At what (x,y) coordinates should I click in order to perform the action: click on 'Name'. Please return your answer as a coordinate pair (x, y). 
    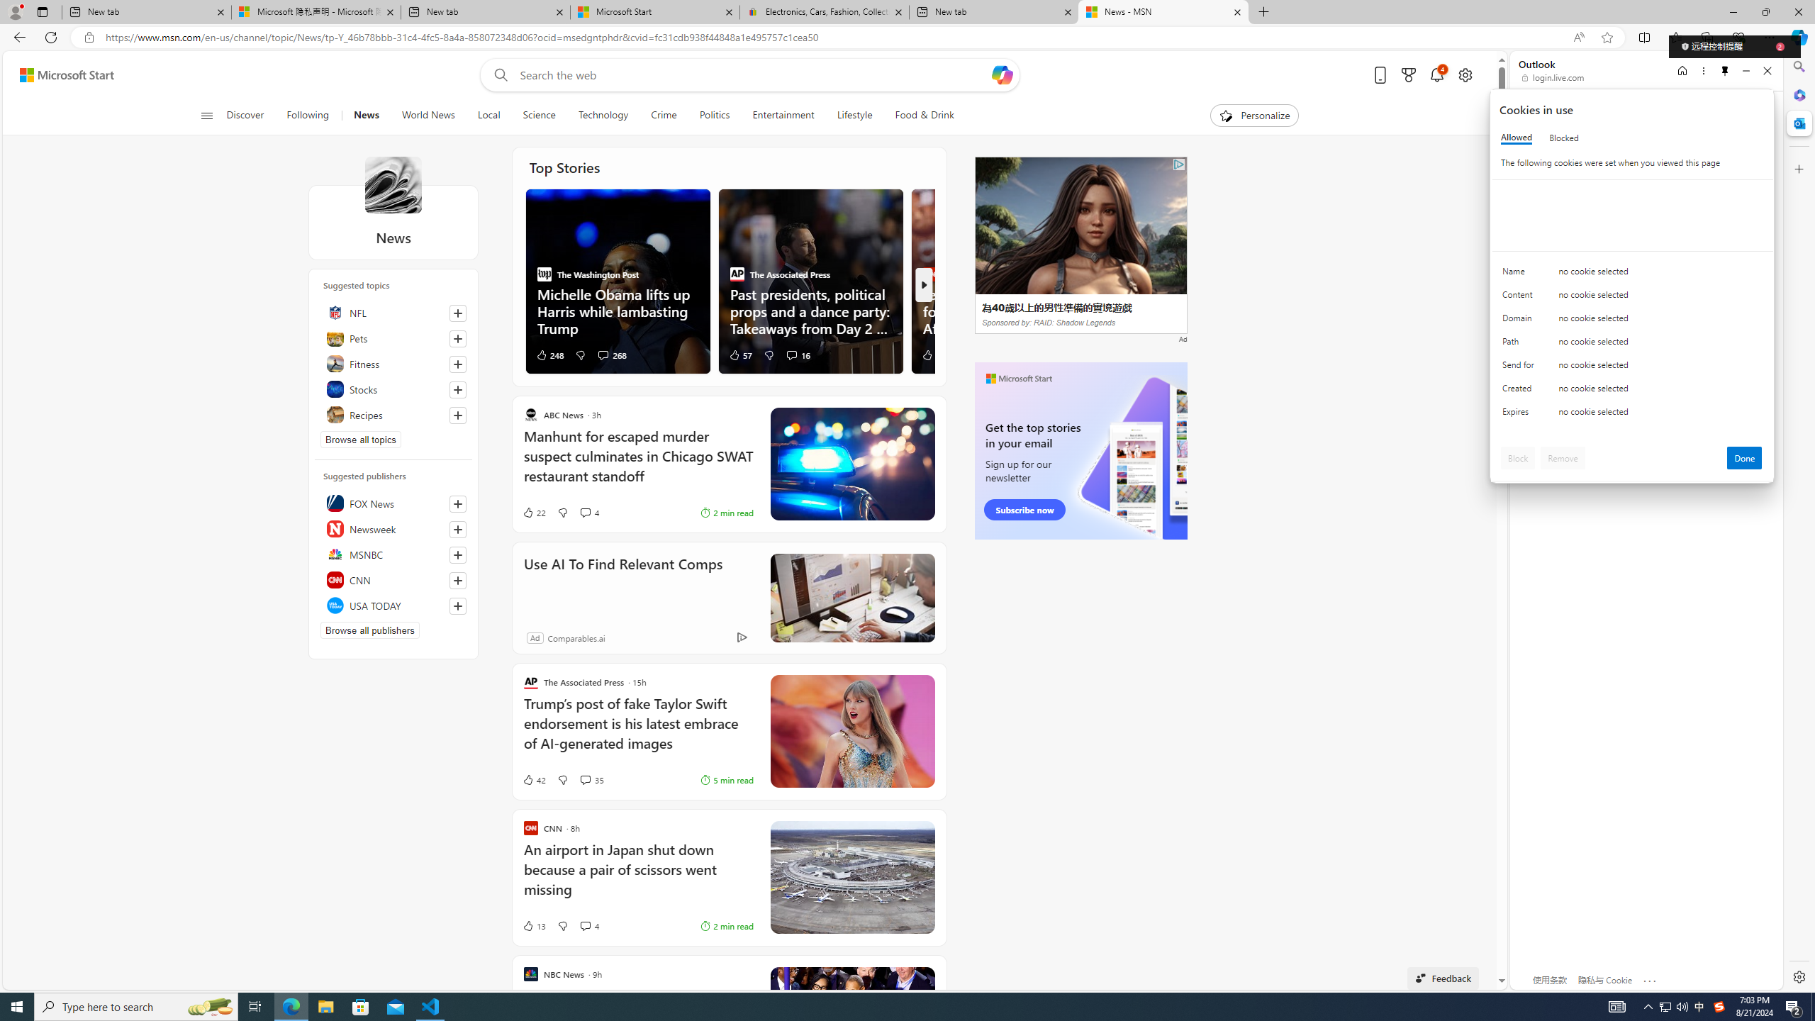
    Looking at the image, I should click on (1520, 274).